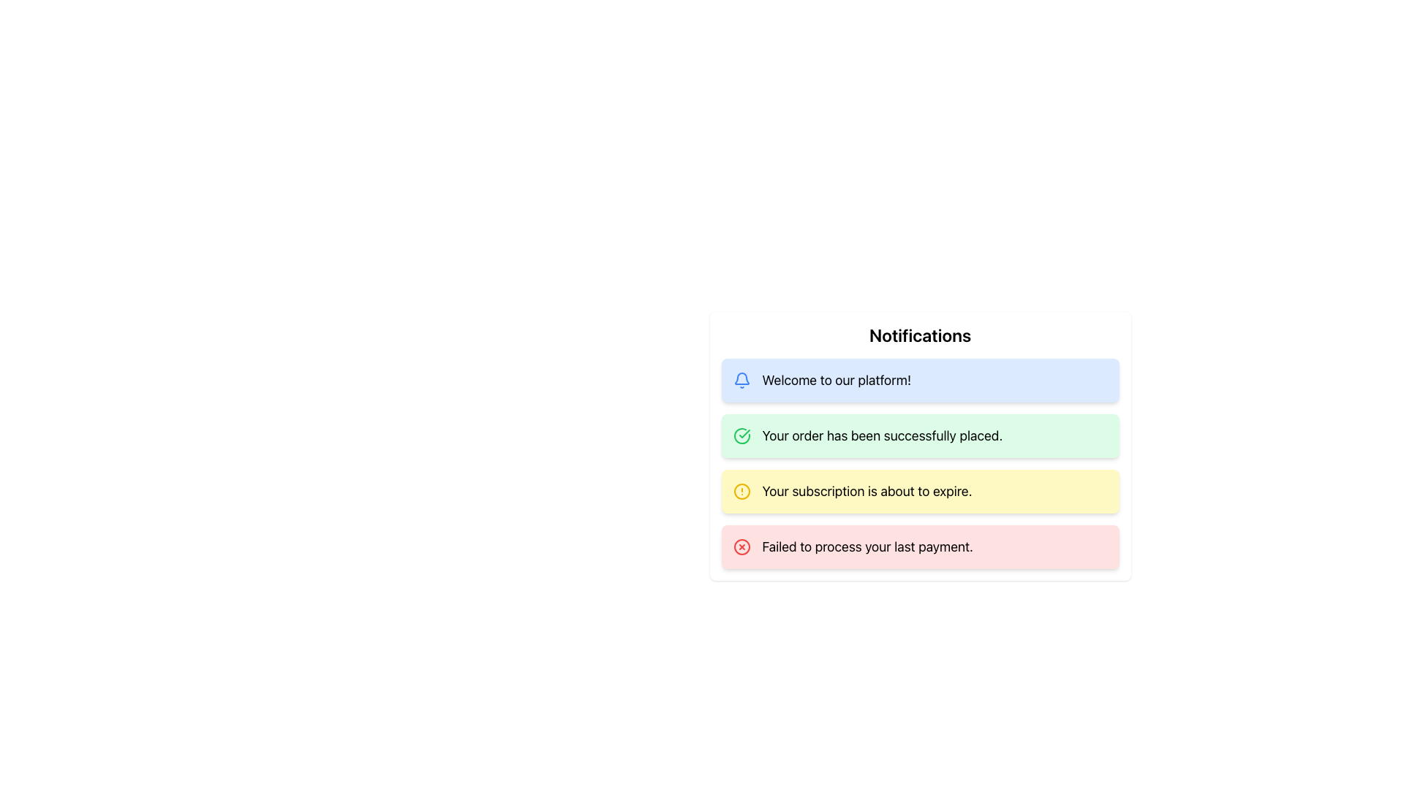 This screenshot has height=789, width=1404. What do you see at coordinates (741, 546) in the screenshot?
I see `the circular SVG element styled with a red fill, which is part of the error icon indicating the error message 'Failed to process your last payment.'` at bounding box center [741, 546].